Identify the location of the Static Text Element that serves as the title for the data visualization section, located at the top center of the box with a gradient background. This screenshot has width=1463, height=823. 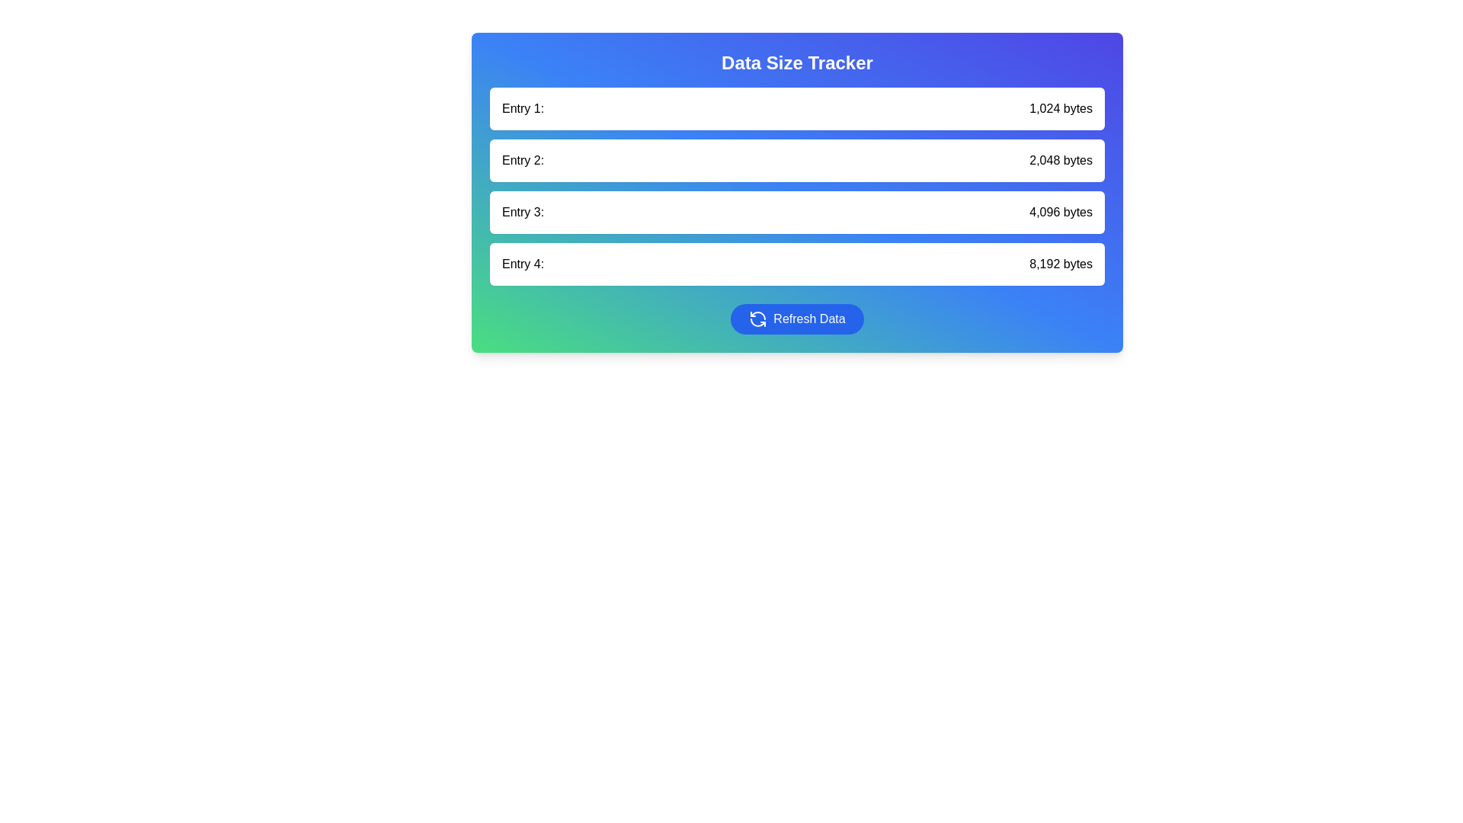
(796, 62).